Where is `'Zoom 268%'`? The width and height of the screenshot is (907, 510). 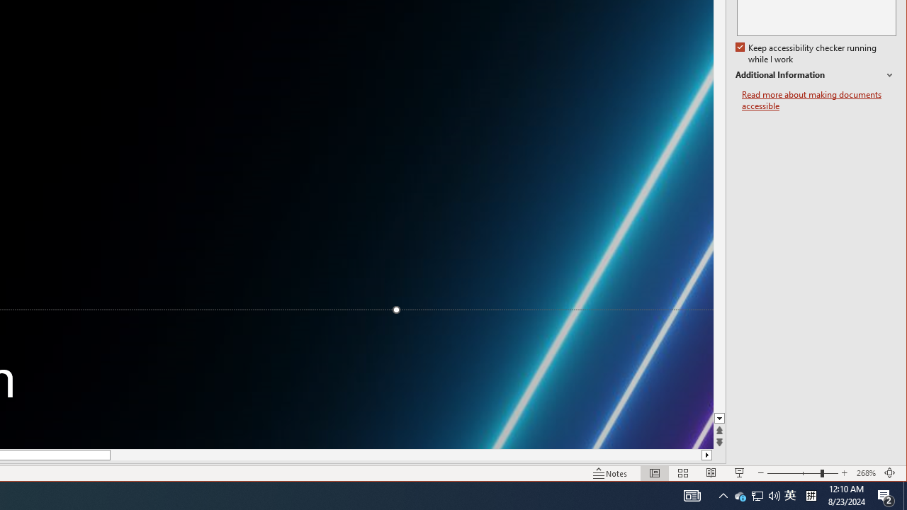
'Zoom 268%' is located at coordinates (865, 473).